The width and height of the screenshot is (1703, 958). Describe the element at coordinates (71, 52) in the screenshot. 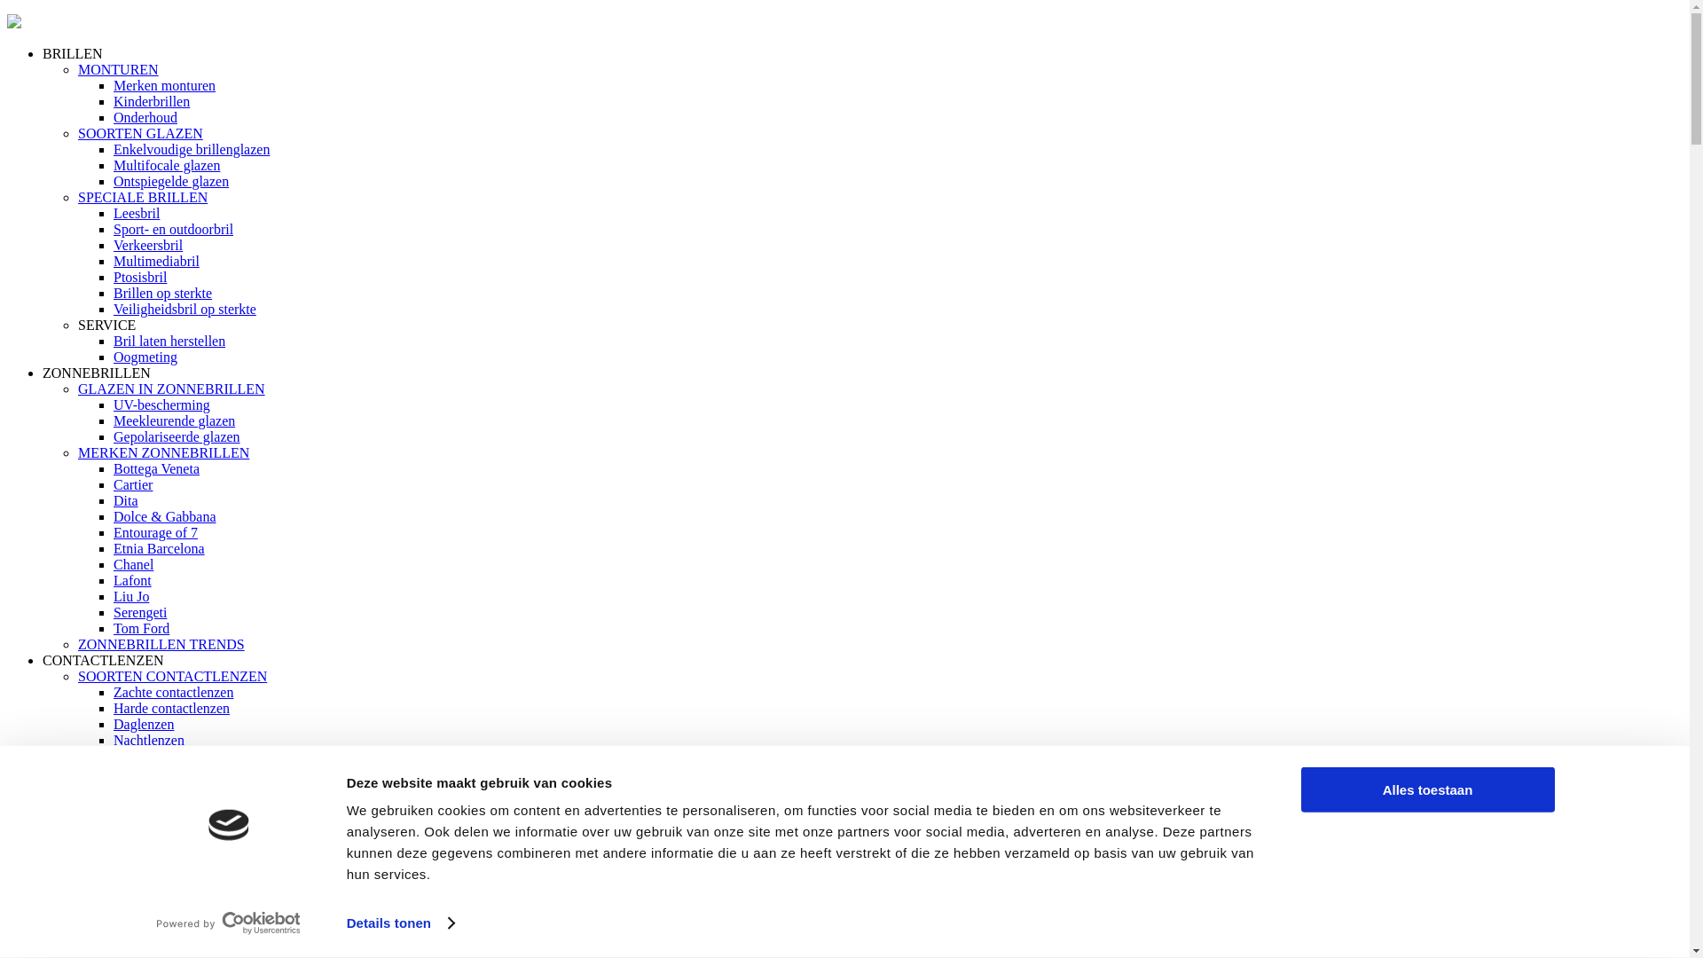

I see `'BRILLEN'` at that location.